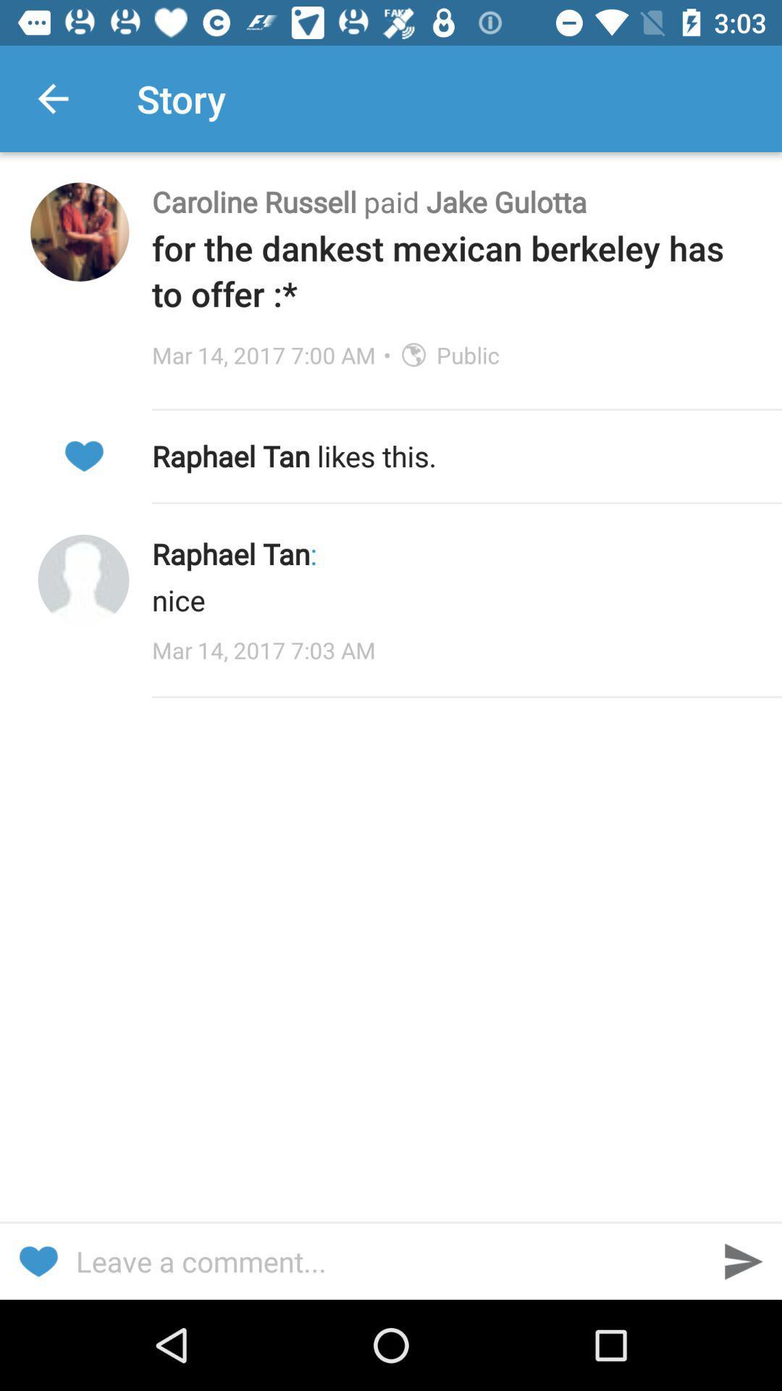 This screenshot has height=1391, width=782. Describe the element at coordinates (37, 1261) in the screenshot. I see `send heart` at that location.